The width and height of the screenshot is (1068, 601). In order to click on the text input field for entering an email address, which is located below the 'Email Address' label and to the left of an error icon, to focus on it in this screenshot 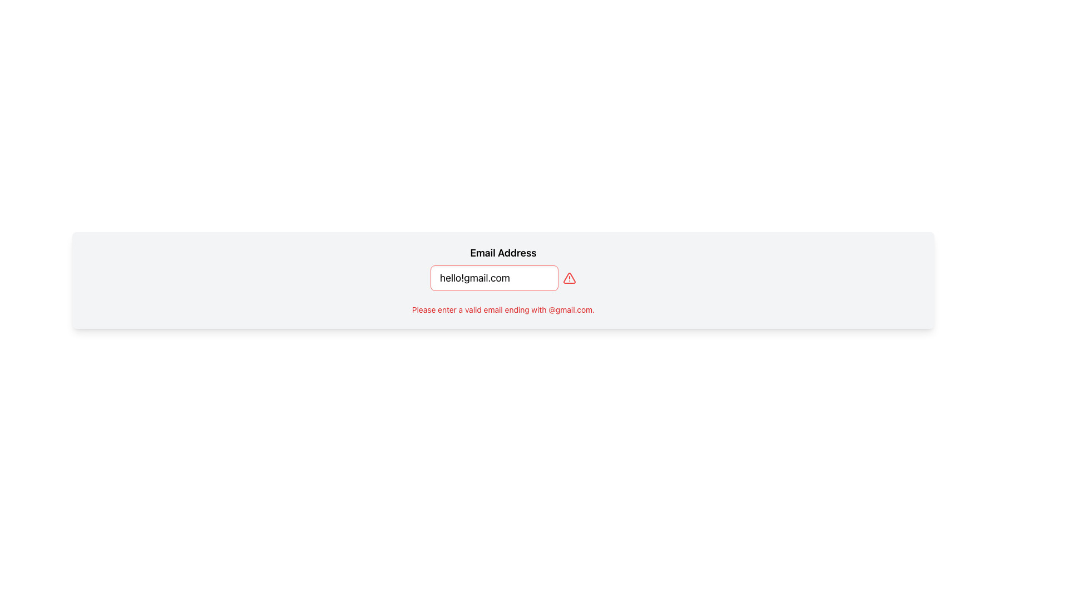, I will do `click(493, 278)`.